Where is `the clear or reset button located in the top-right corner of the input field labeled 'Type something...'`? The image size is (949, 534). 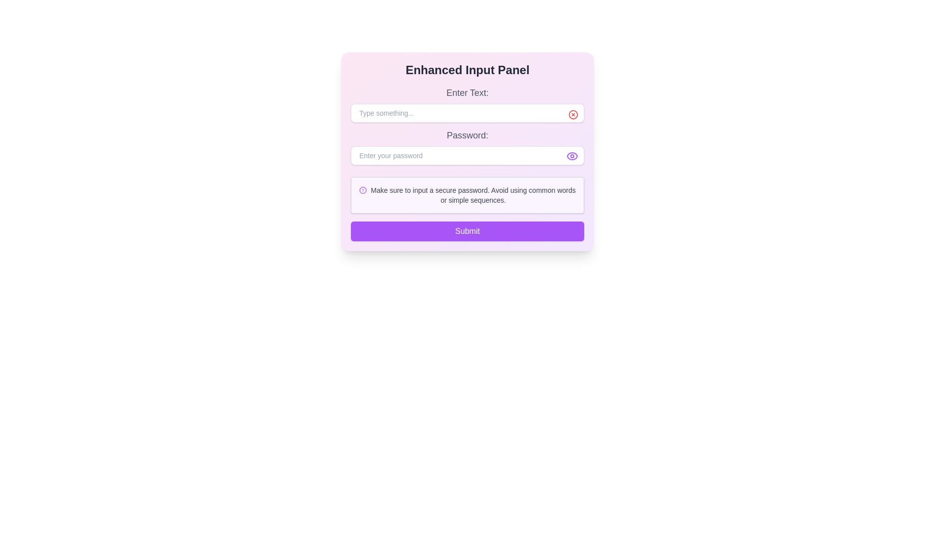
the clear or reset button located in the top-right corner of the input field labeled 'Type something...' is located at coordinates (573, 114).